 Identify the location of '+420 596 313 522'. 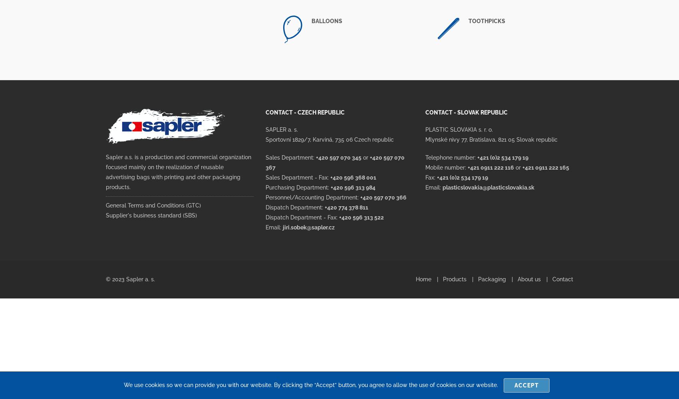
(361, 217).